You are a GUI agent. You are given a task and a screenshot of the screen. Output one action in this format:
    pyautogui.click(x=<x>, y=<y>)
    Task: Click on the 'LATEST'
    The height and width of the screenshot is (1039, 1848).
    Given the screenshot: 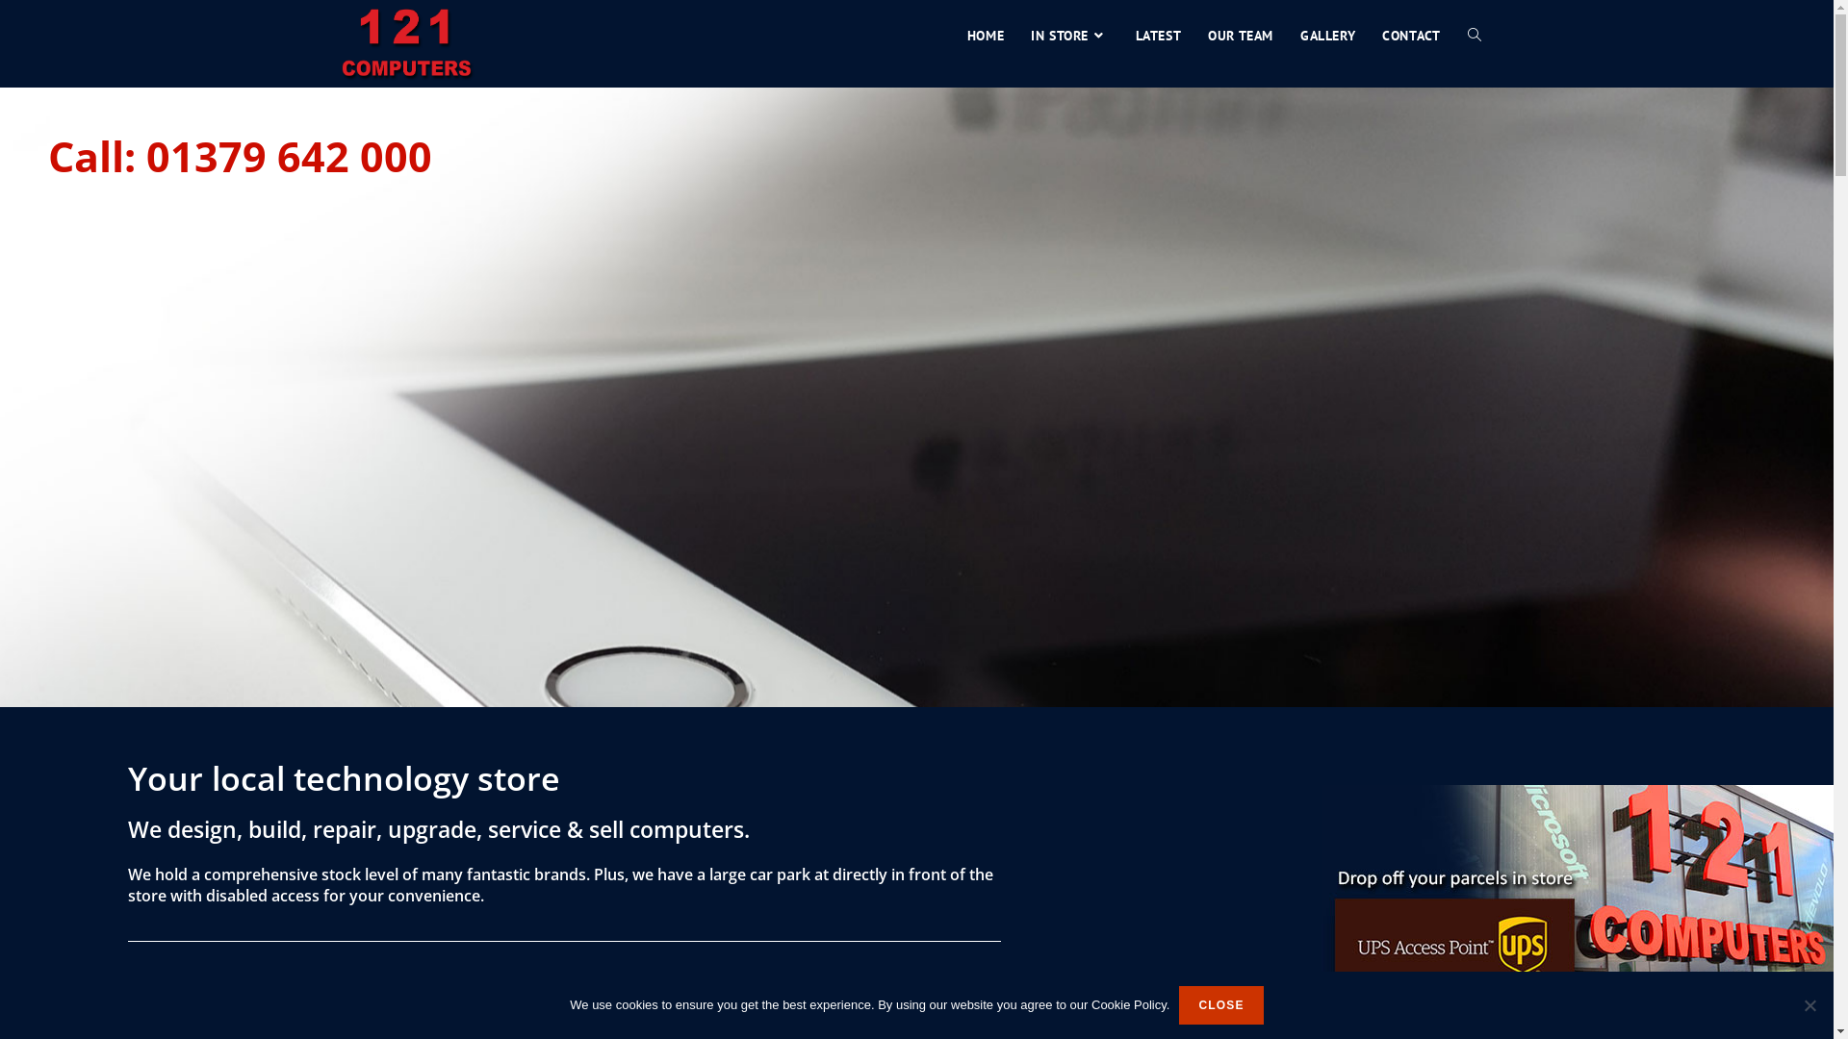 What is the action you would take?
    pyautogui.click(x=1158, y=36)
    